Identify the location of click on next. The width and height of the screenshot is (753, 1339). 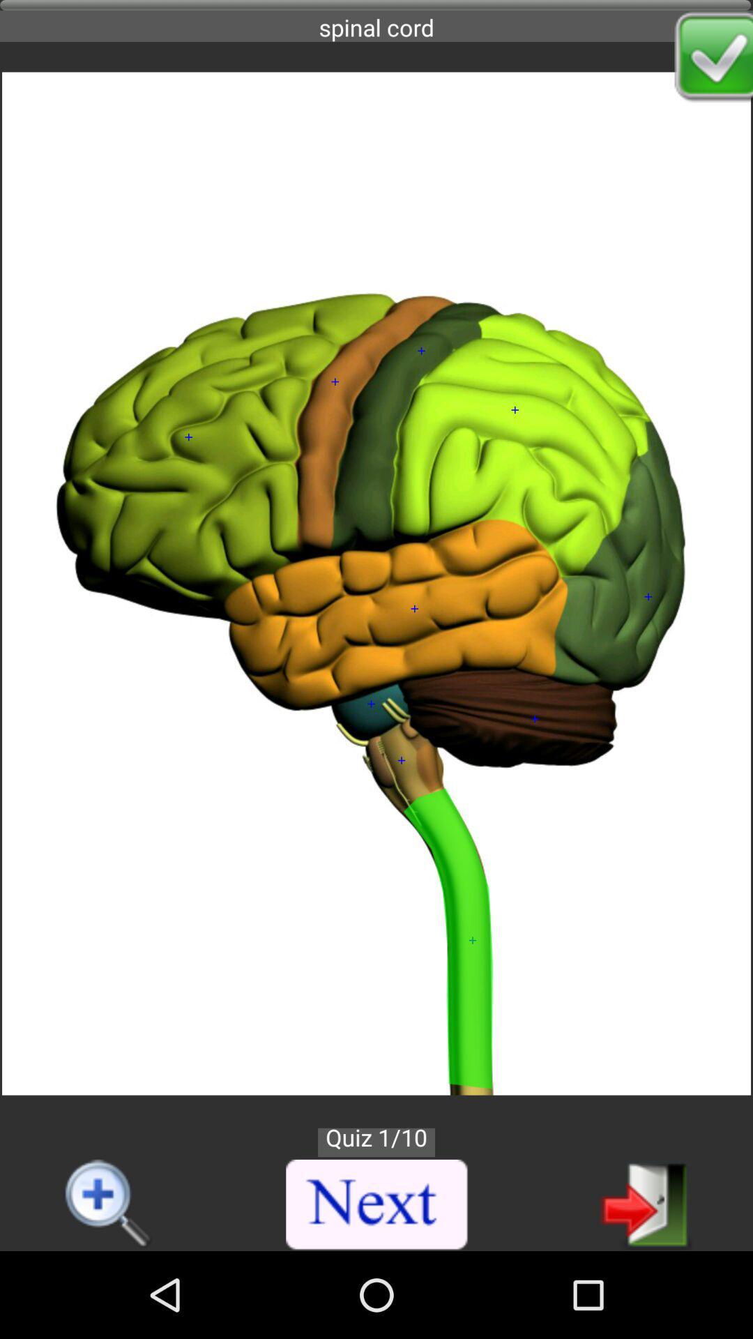
(377, 1204).